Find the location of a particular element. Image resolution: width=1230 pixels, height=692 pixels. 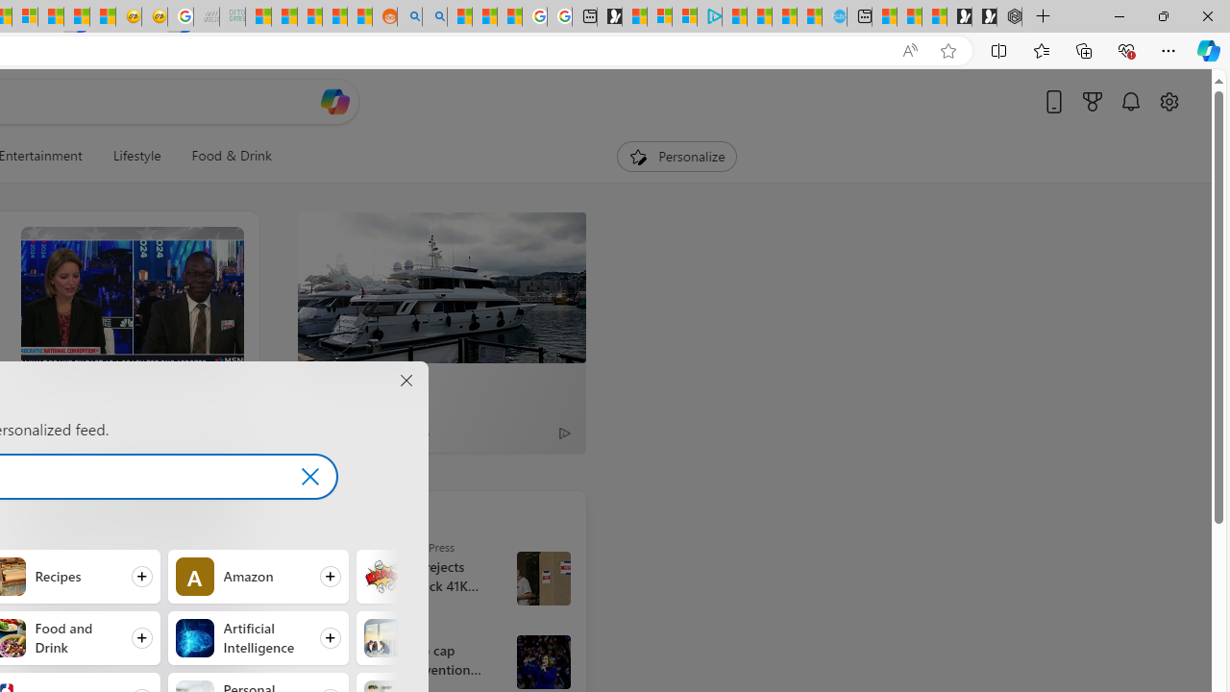

'Food & Drink' is located at coordinates (231, 156).